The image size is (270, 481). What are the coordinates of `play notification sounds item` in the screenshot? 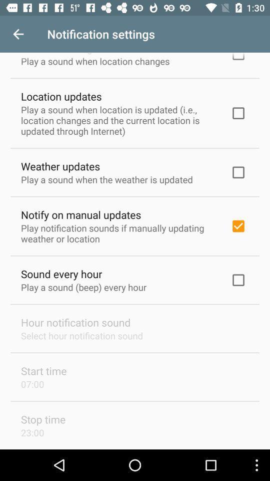 It's located at (119, 233).